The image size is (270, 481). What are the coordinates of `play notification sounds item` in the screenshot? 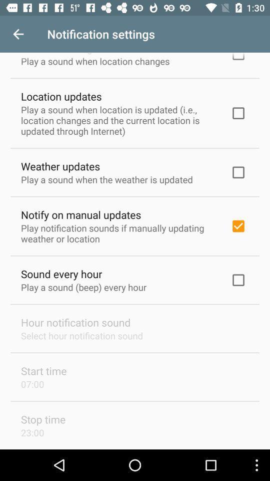 It's located at (119, 233).